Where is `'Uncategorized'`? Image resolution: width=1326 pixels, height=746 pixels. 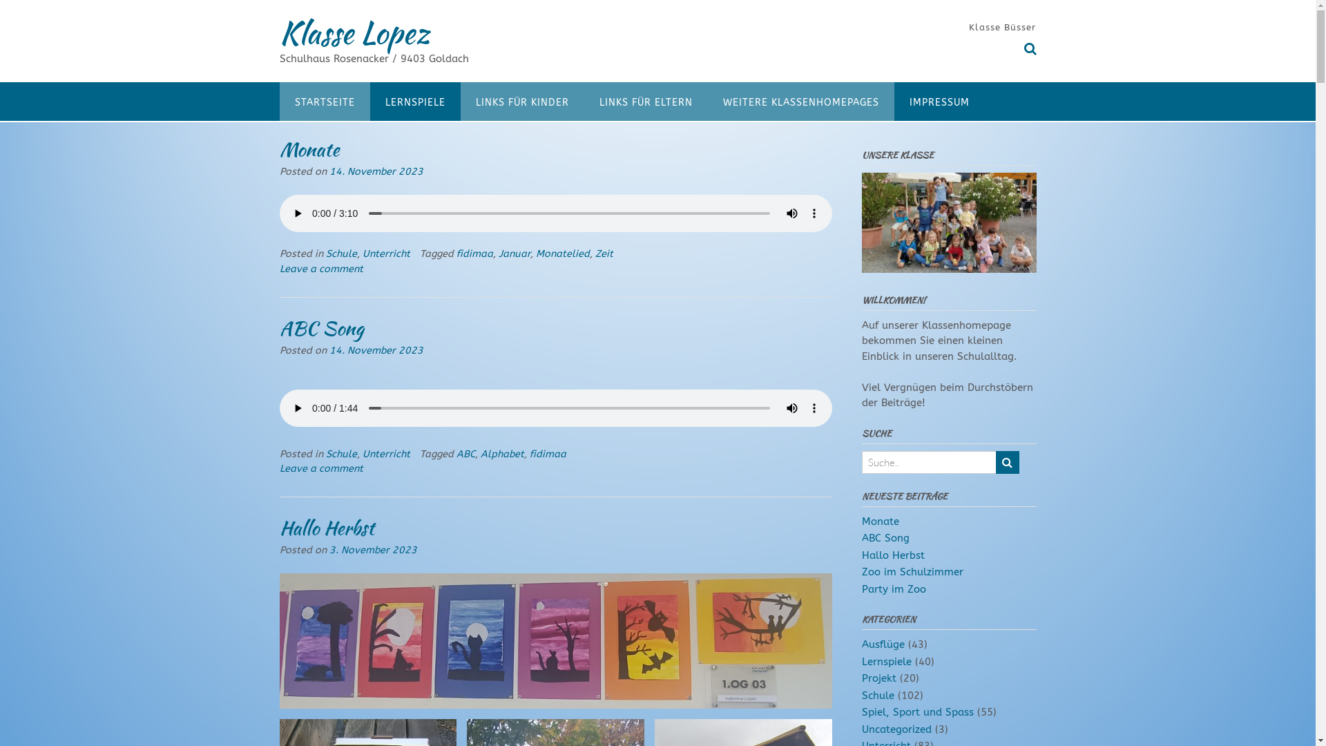
'Uncategorized' is located at coordinates (896, 729).